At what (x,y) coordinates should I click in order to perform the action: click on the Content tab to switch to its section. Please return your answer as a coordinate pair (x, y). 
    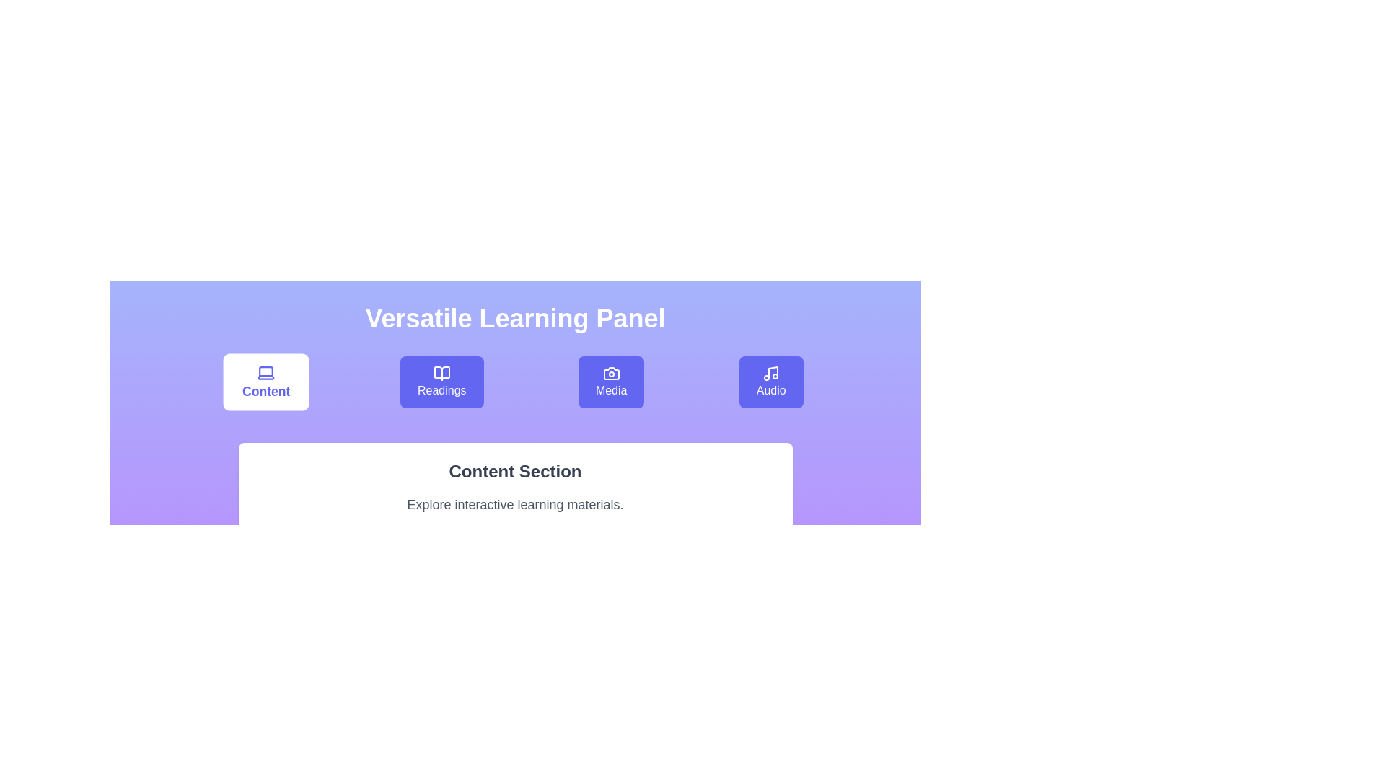
    Looking at the image, I should click on (266, 381).